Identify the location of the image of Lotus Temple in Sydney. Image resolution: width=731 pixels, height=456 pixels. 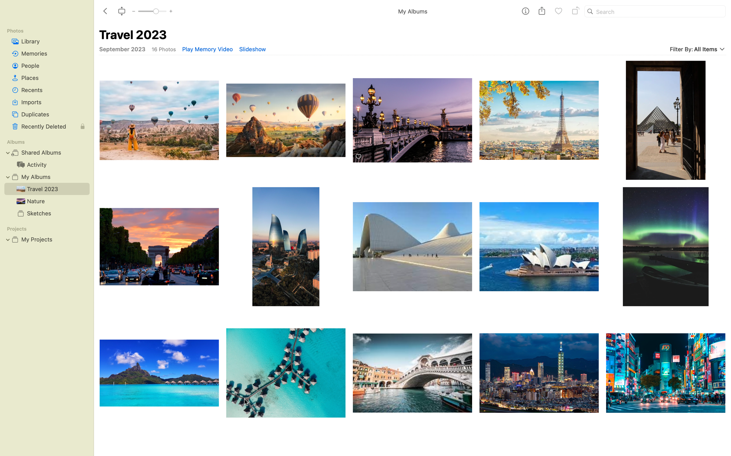
(539, 246).